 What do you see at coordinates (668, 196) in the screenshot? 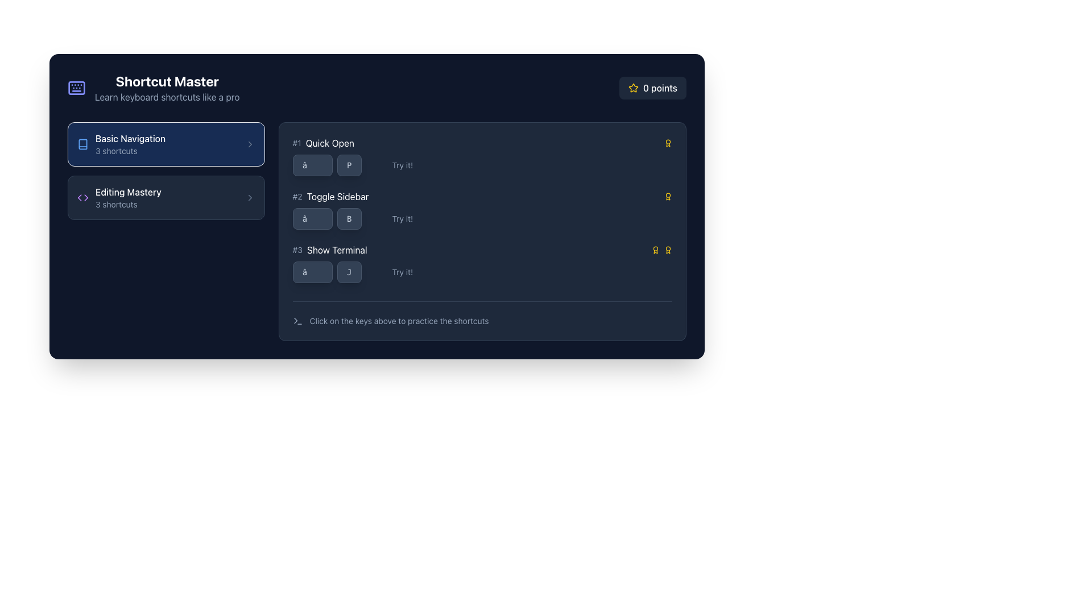
I see `the standalone icon at the far right end of the '#2 Toggle Sidebar' section, which serves as a visual indicator for achievements or status` at bounding box center [668, 196].